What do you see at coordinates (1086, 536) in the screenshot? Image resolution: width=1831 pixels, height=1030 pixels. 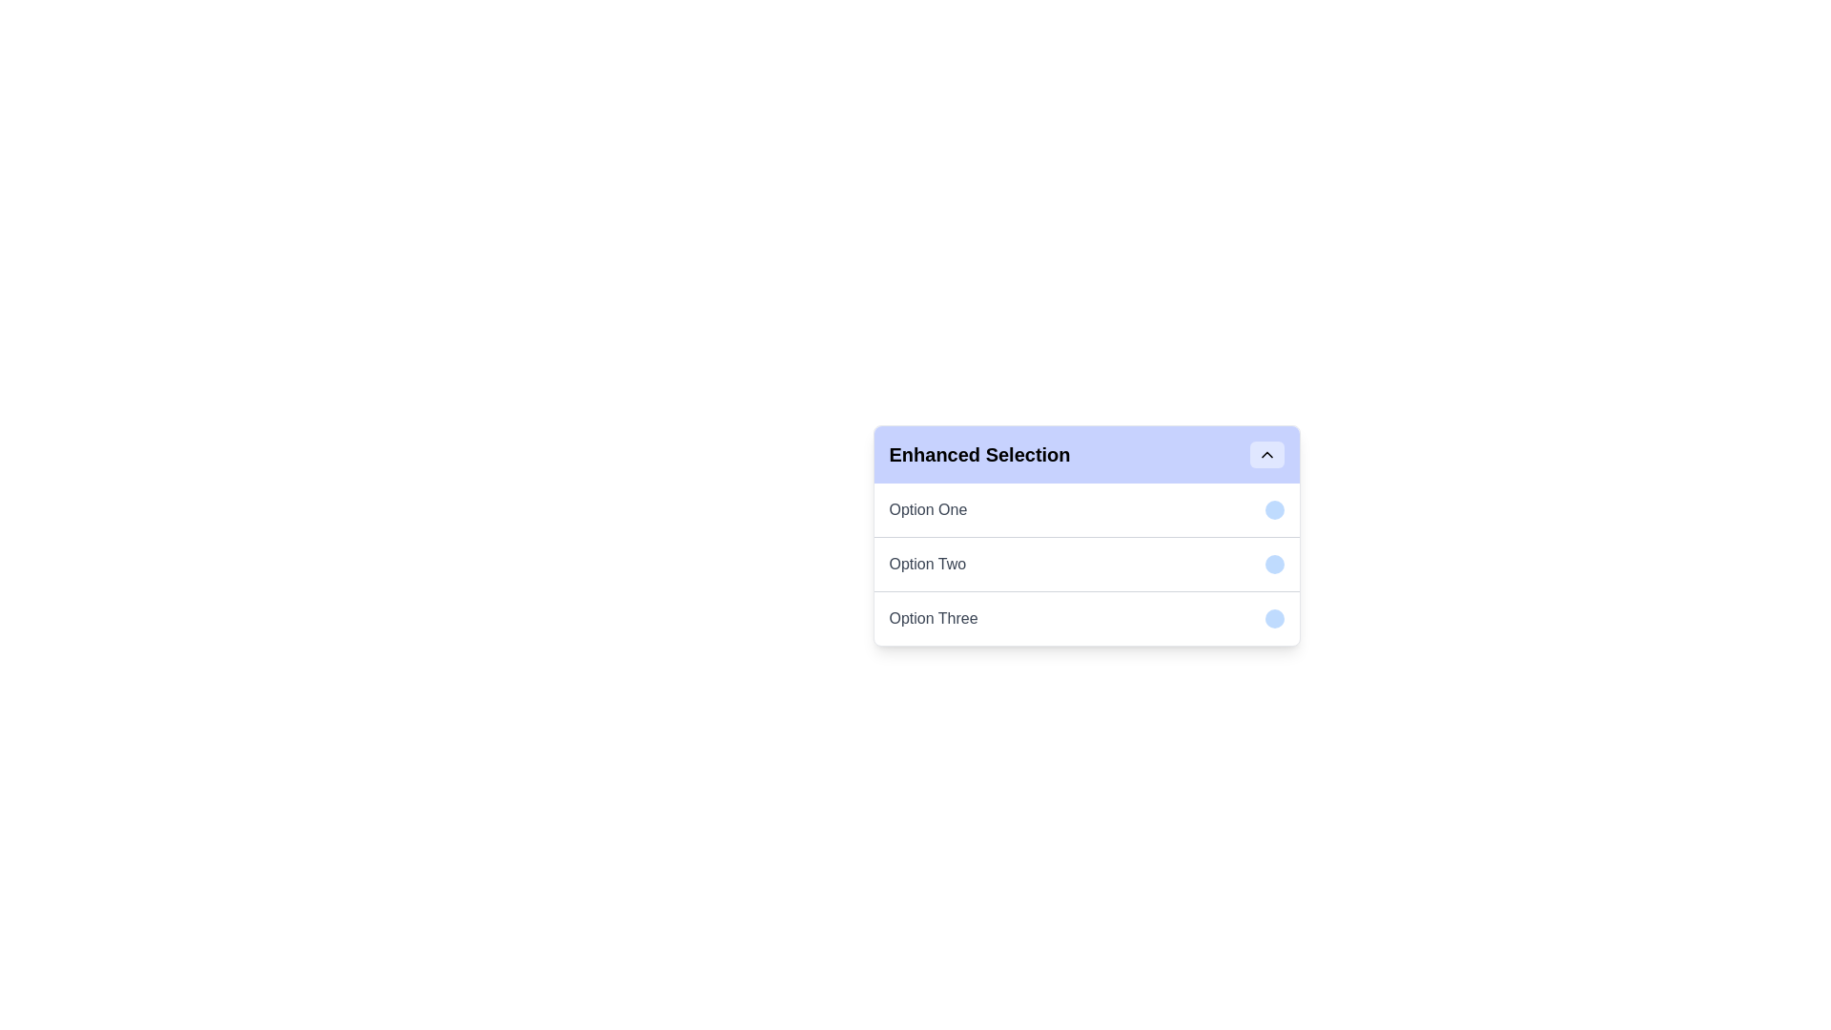 I see `the 'Enhanced Selection' dropdown menu` at bounding box center [1086, 536].